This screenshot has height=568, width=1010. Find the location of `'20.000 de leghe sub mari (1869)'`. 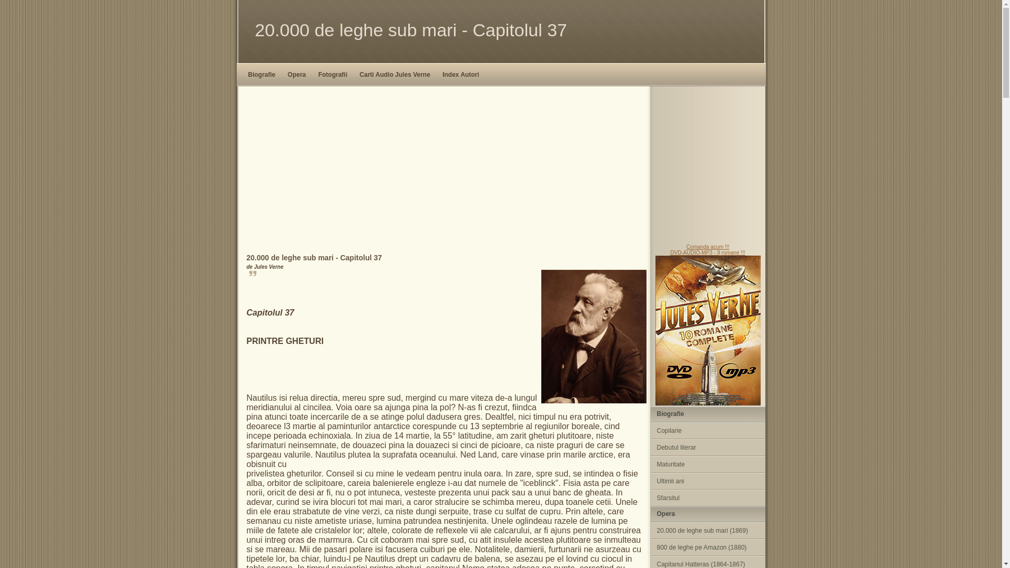

'20.000 de leghe sub mari (1869)' is located at coordinates (707, 531).